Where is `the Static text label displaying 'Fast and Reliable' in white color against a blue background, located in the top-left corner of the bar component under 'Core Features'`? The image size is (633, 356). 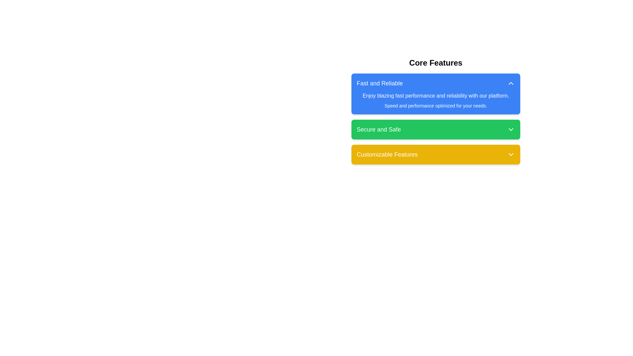 the Static text label displaying 'Fast and Reliable' in white color against a blue background, located in the top-left corner of the bar component under 'Core Features' is located at coordinates (380, 83).